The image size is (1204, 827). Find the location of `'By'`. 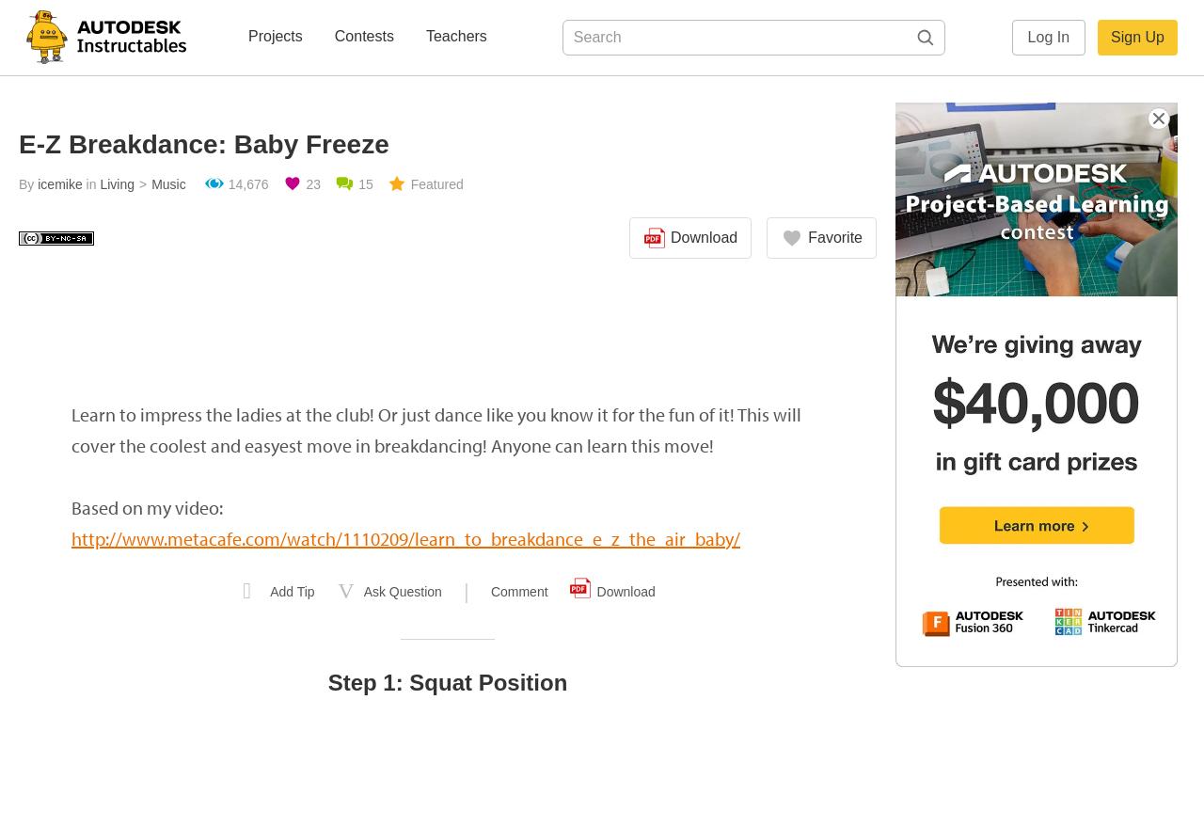

'By' is located at coordinates (27, 183).